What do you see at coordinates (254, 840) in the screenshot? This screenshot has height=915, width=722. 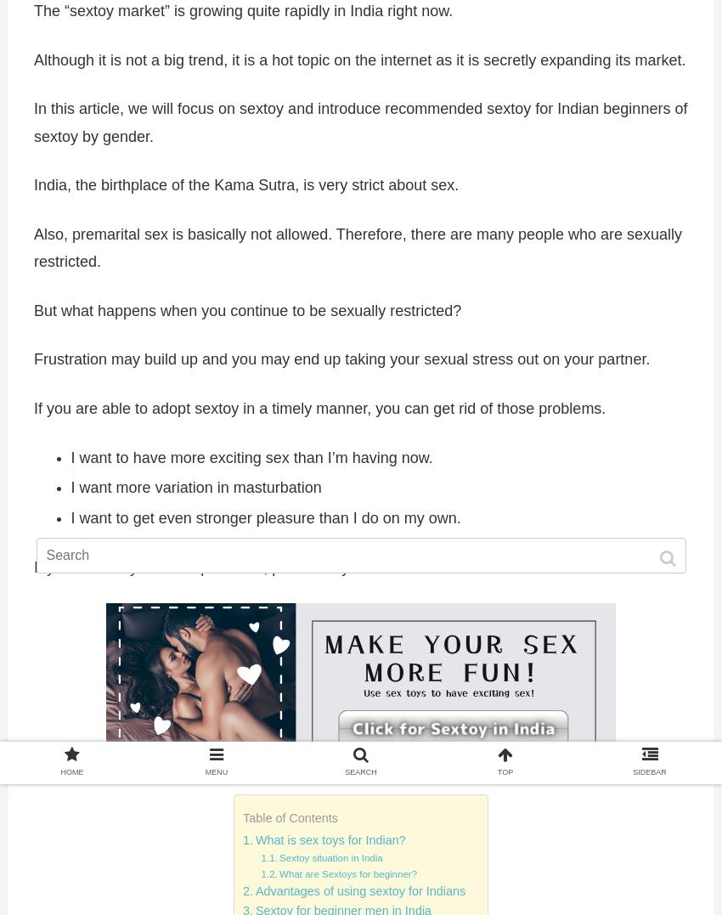 I see `'What is sex toys for Indian?'` at bounding box center [254, 840].